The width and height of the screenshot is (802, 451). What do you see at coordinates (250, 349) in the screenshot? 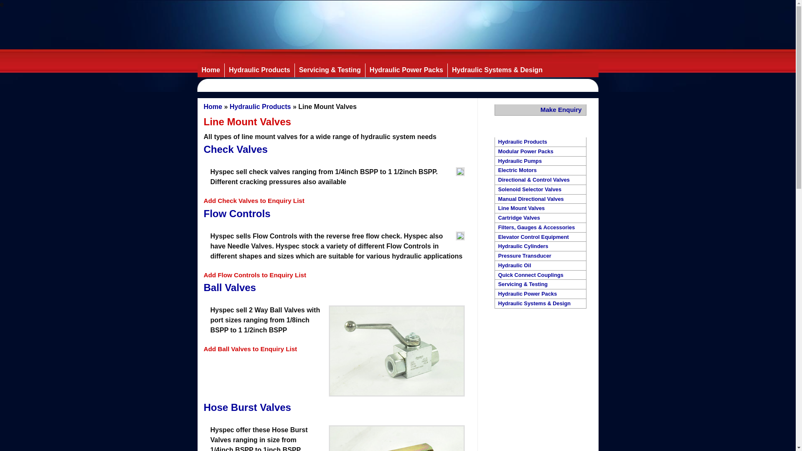
I see `'Add Ball Valves to Enquiry List'` at bounding box center [250, 349].